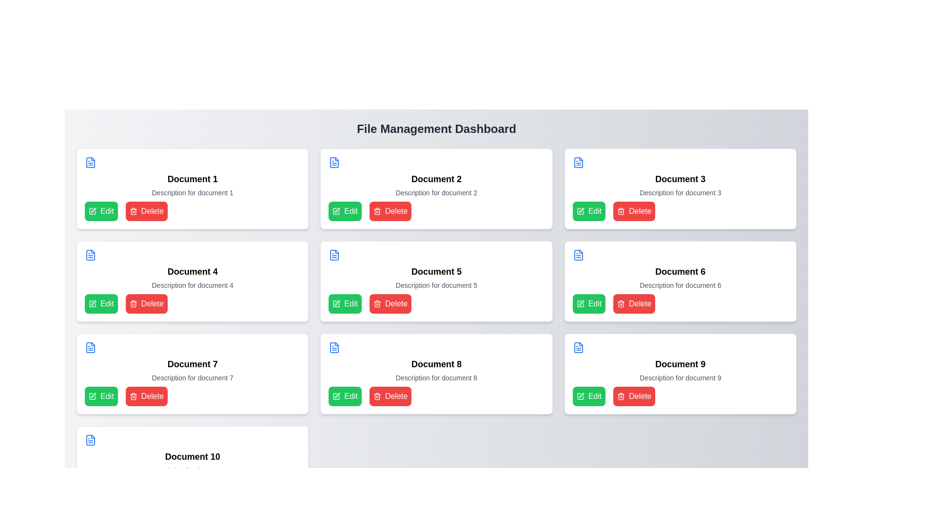 The width and height of the screenshot is (936, 526). Describe the element at coordinates (193, 303) in the screenshot. I see `the interactive buttons in the grouped element for 'Document 4'` at that location.